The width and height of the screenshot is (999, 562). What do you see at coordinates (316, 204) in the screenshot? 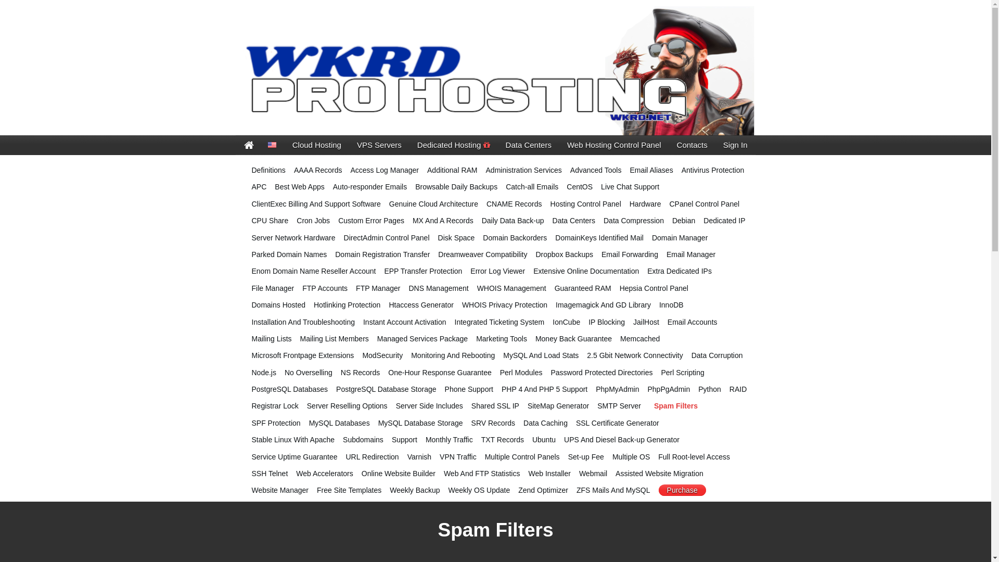
I see `'ClientExec Billing And Support Software'` at bounding box center [316, 204].